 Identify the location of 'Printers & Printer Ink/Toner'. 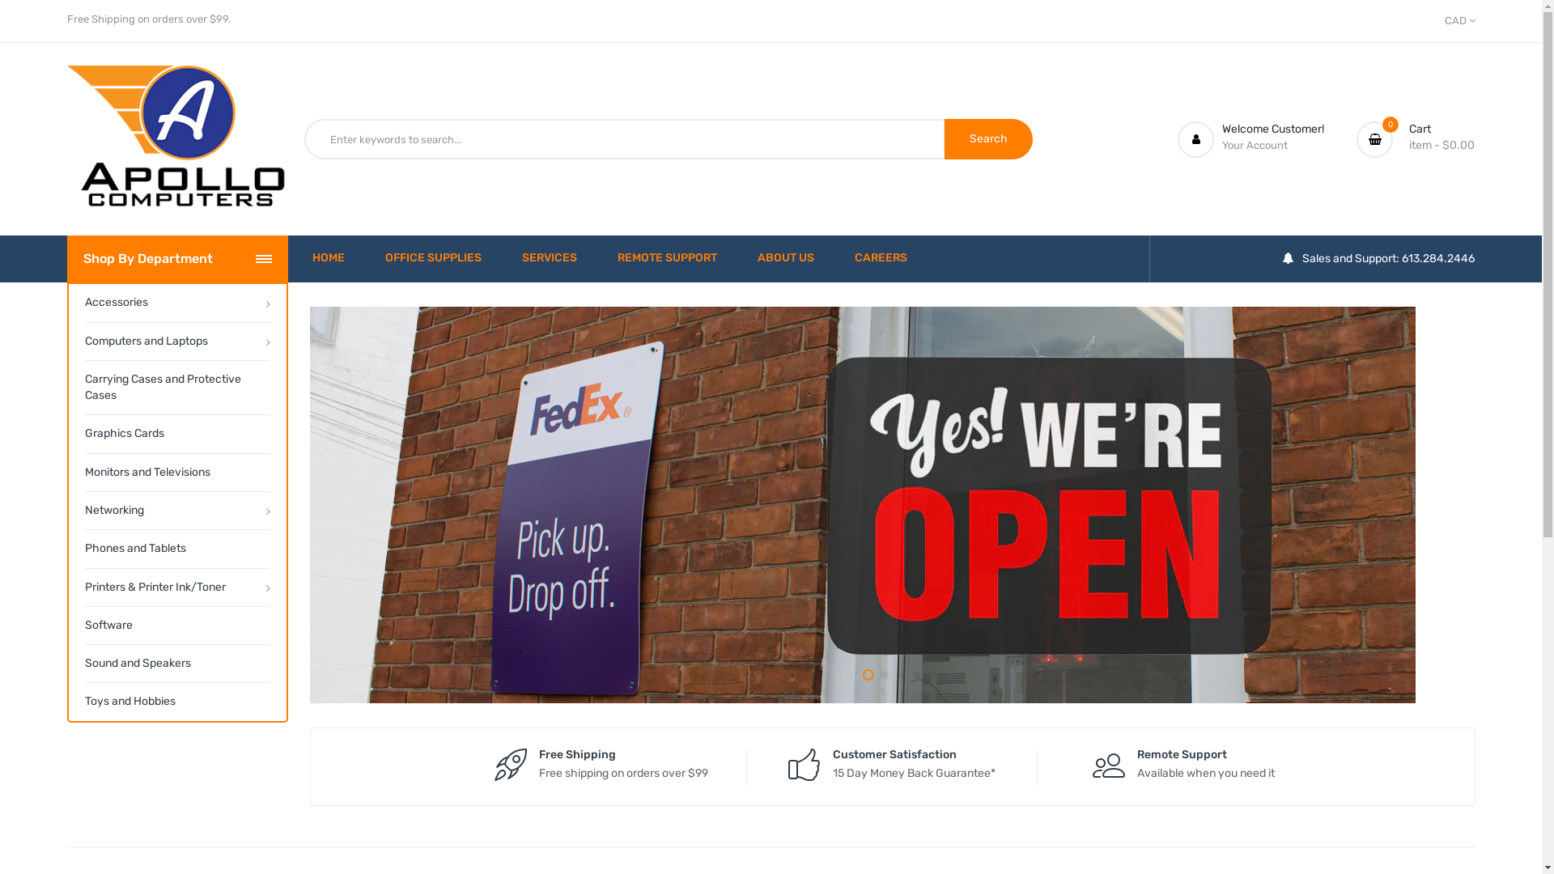
(176, 587).